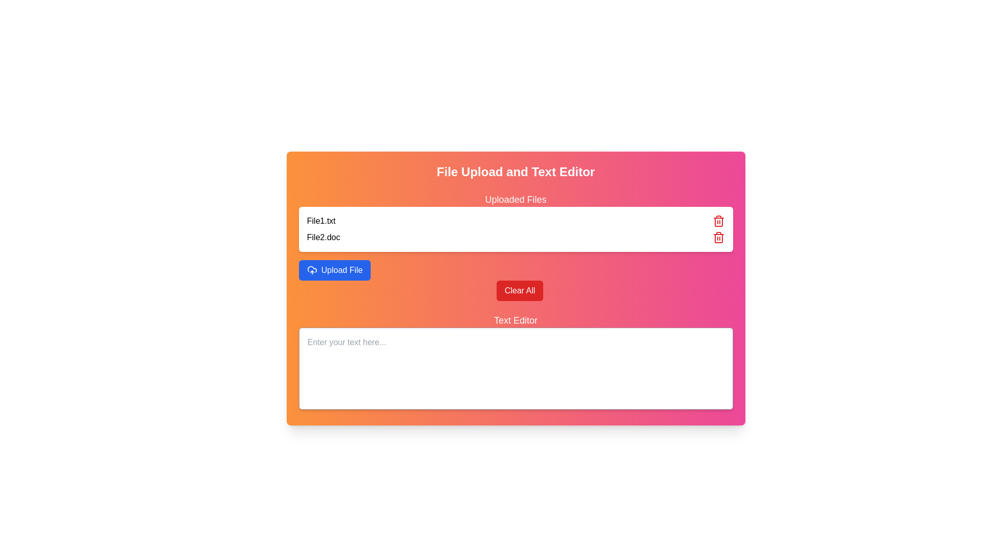  I want to click on the delete button located at the far right end of the row labeled 'File1.txt' in the 'Uploaded Files' section, so click(718, 221).